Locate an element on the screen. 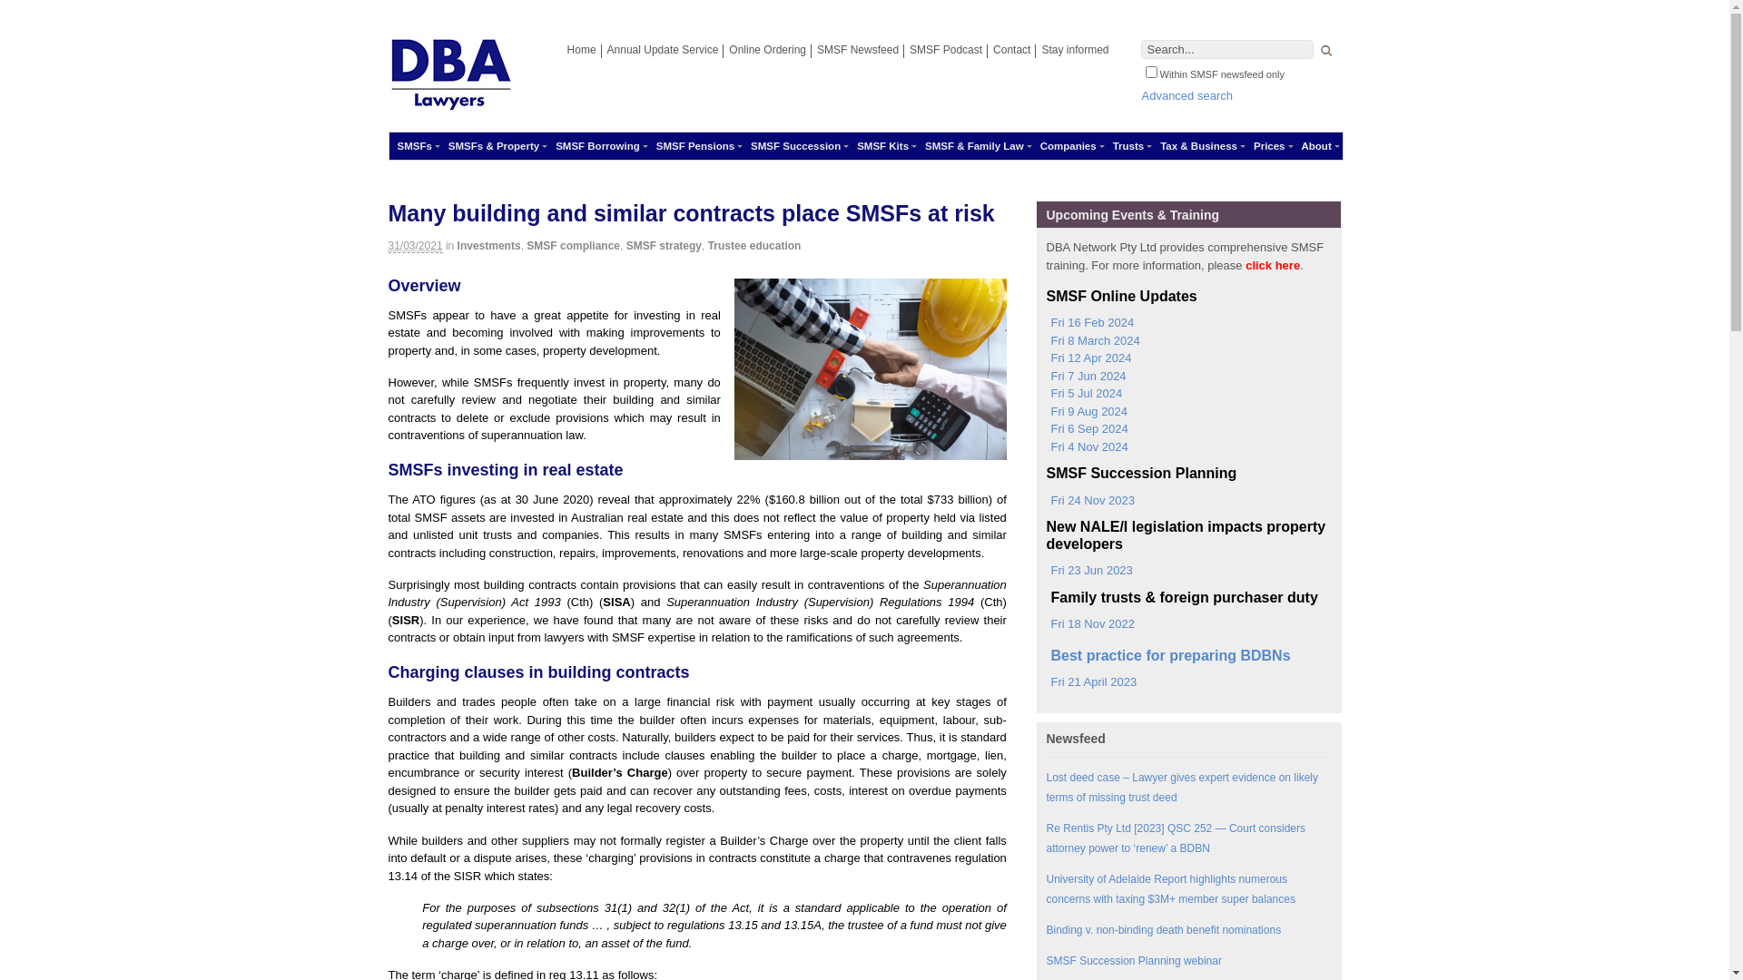 Image resolution: width=1743 pixels, height=980 pixels. 'New NALE/I legislation impacts property developers' is located at coordinates (1188, 534).